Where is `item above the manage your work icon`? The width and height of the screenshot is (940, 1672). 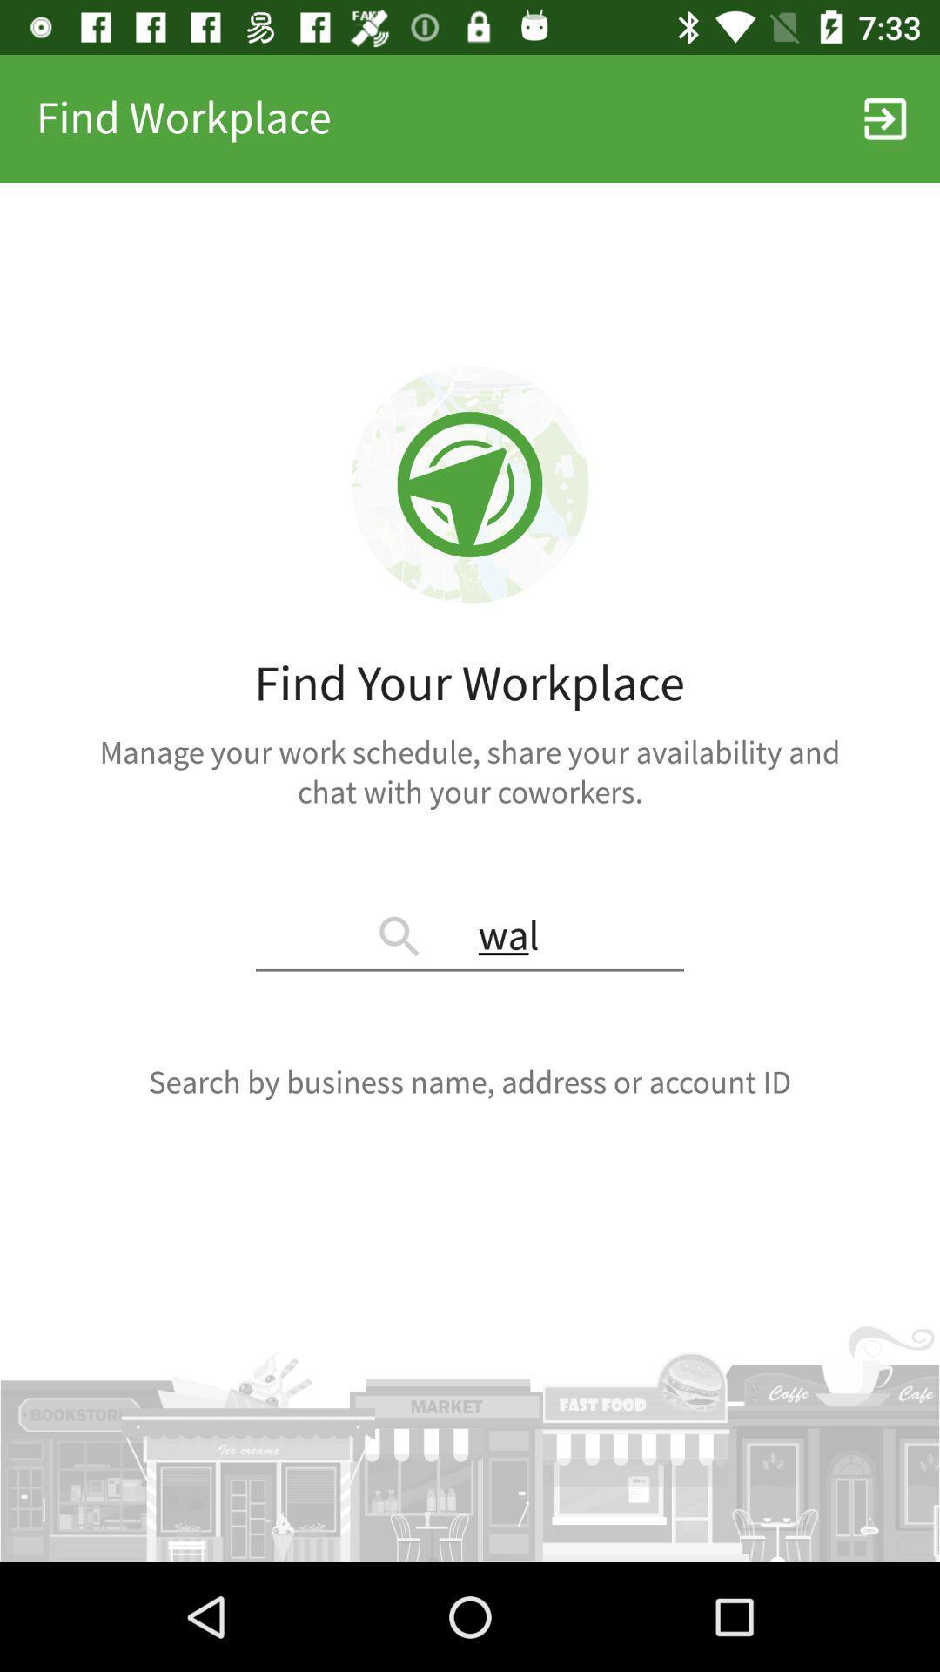
item above the manage your work icon is located at coordinates (885, 118).